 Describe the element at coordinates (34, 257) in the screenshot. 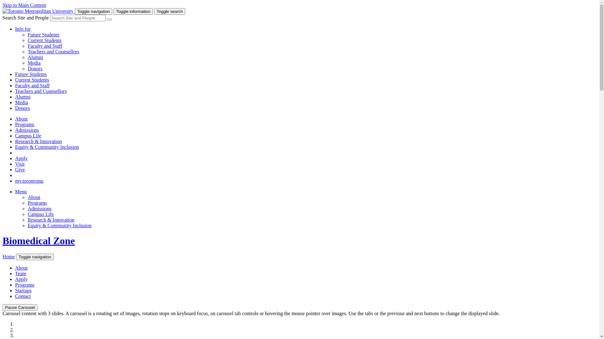

I see `'Toggle navigation'` at that location.